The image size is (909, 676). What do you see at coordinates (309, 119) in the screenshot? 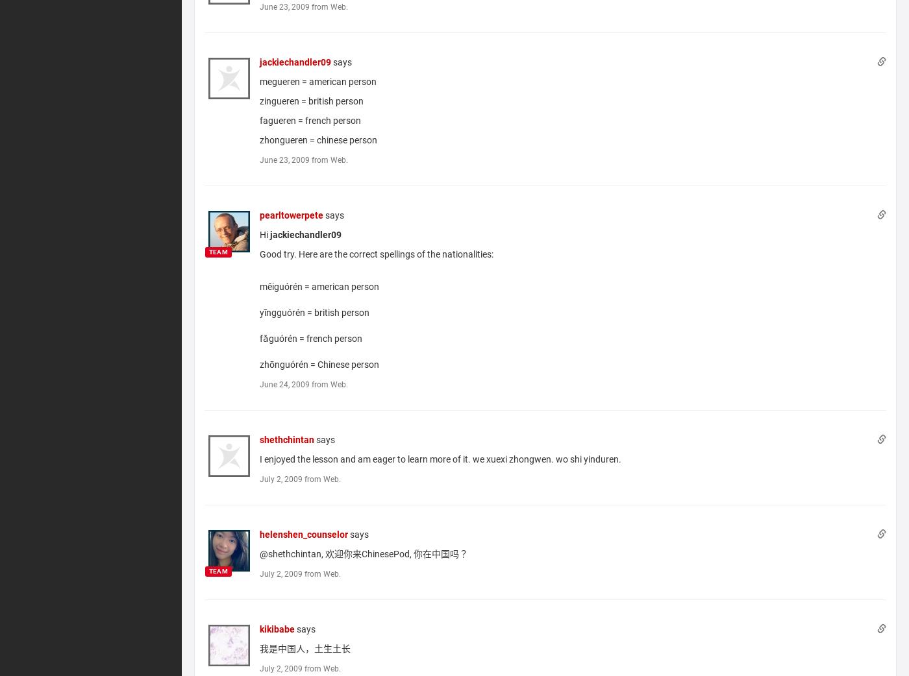
I see `'fagueren = french person'` at bounding box center [309, 119].